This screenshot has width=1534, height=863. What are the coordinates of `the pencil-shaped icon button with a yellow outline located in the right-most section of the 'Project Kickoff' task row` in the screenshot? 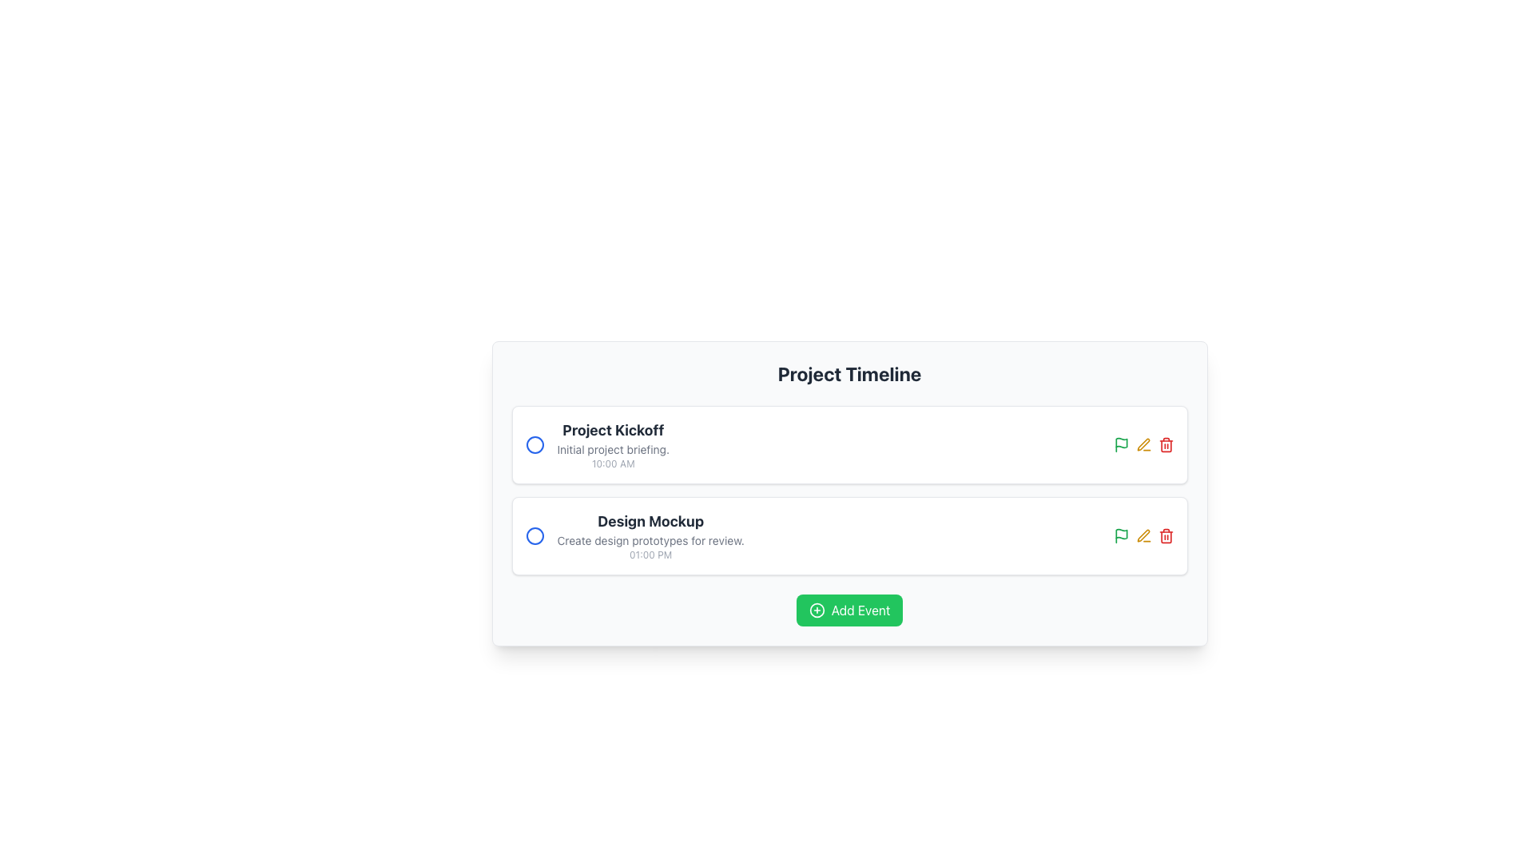 It's located at (1143, 444).